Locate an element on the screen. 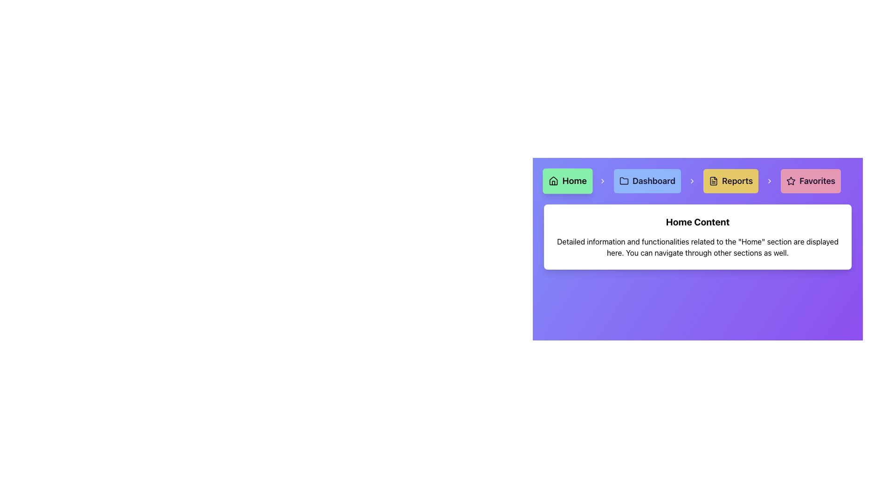 The height and width of the screenshot is (503, 895). the stylistic representation of the house icon that is part of the 'Home' navigation button on the green button located at the top left of the page is located at coordinates (553, 181).